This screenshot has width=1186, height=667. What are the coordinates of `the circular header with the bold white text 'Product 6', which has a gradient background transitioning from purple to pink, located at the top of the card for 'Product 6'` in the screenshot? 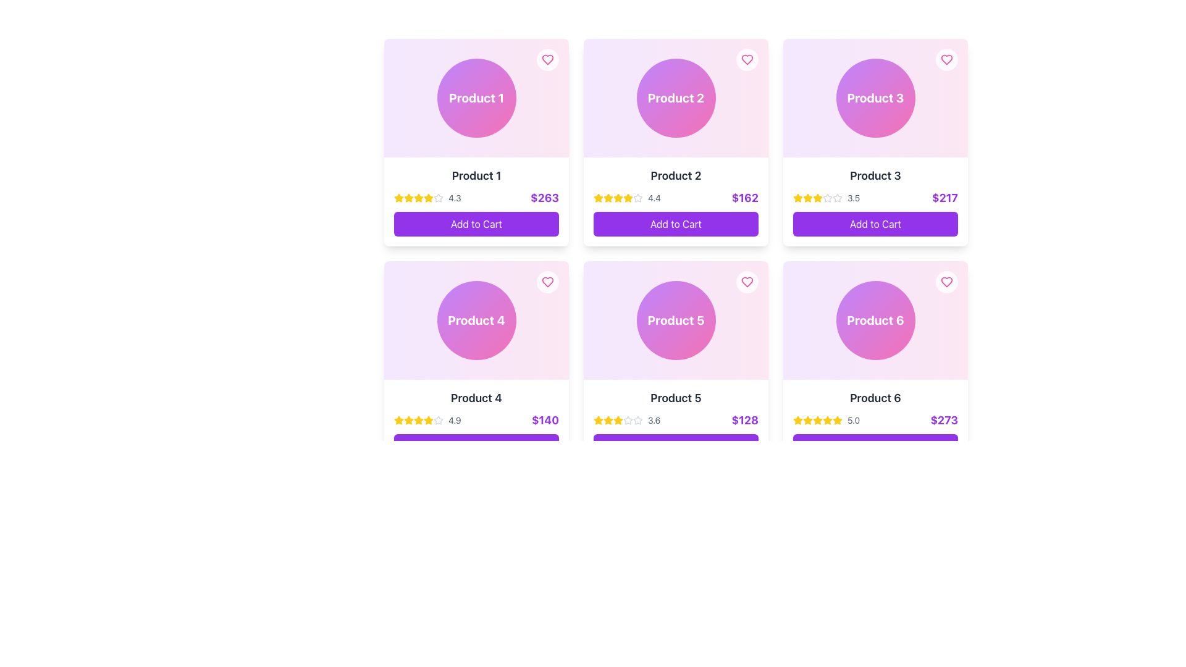 It's located at (875, 320).